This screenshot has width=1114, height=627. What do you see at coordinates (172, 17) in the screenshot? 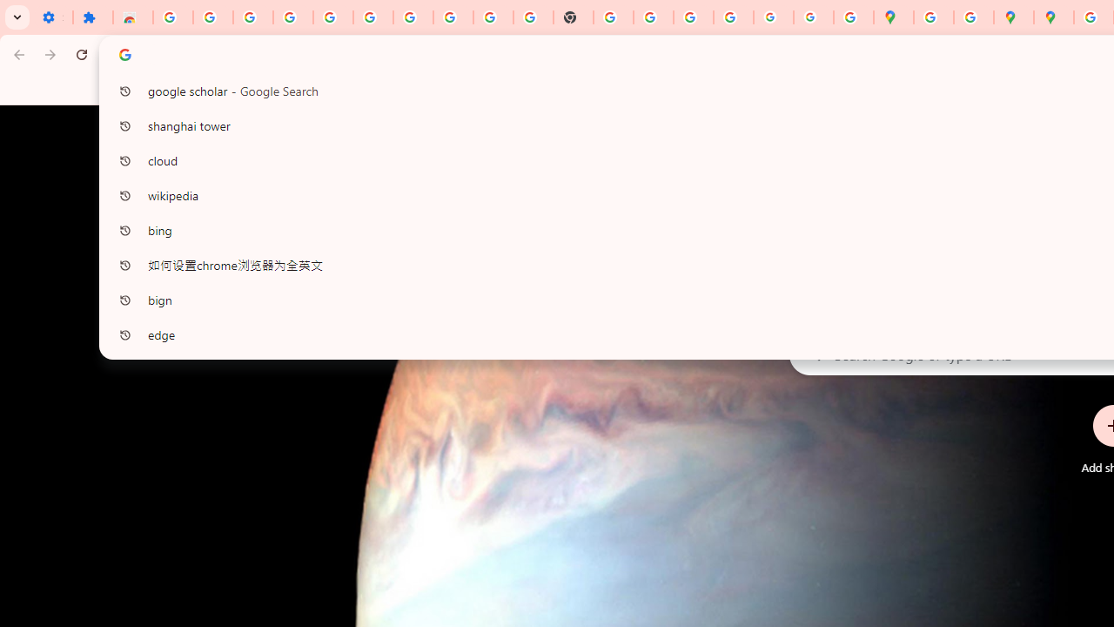
I see `'Sign in - Google Accounts'` at bounding box center [172, 17].